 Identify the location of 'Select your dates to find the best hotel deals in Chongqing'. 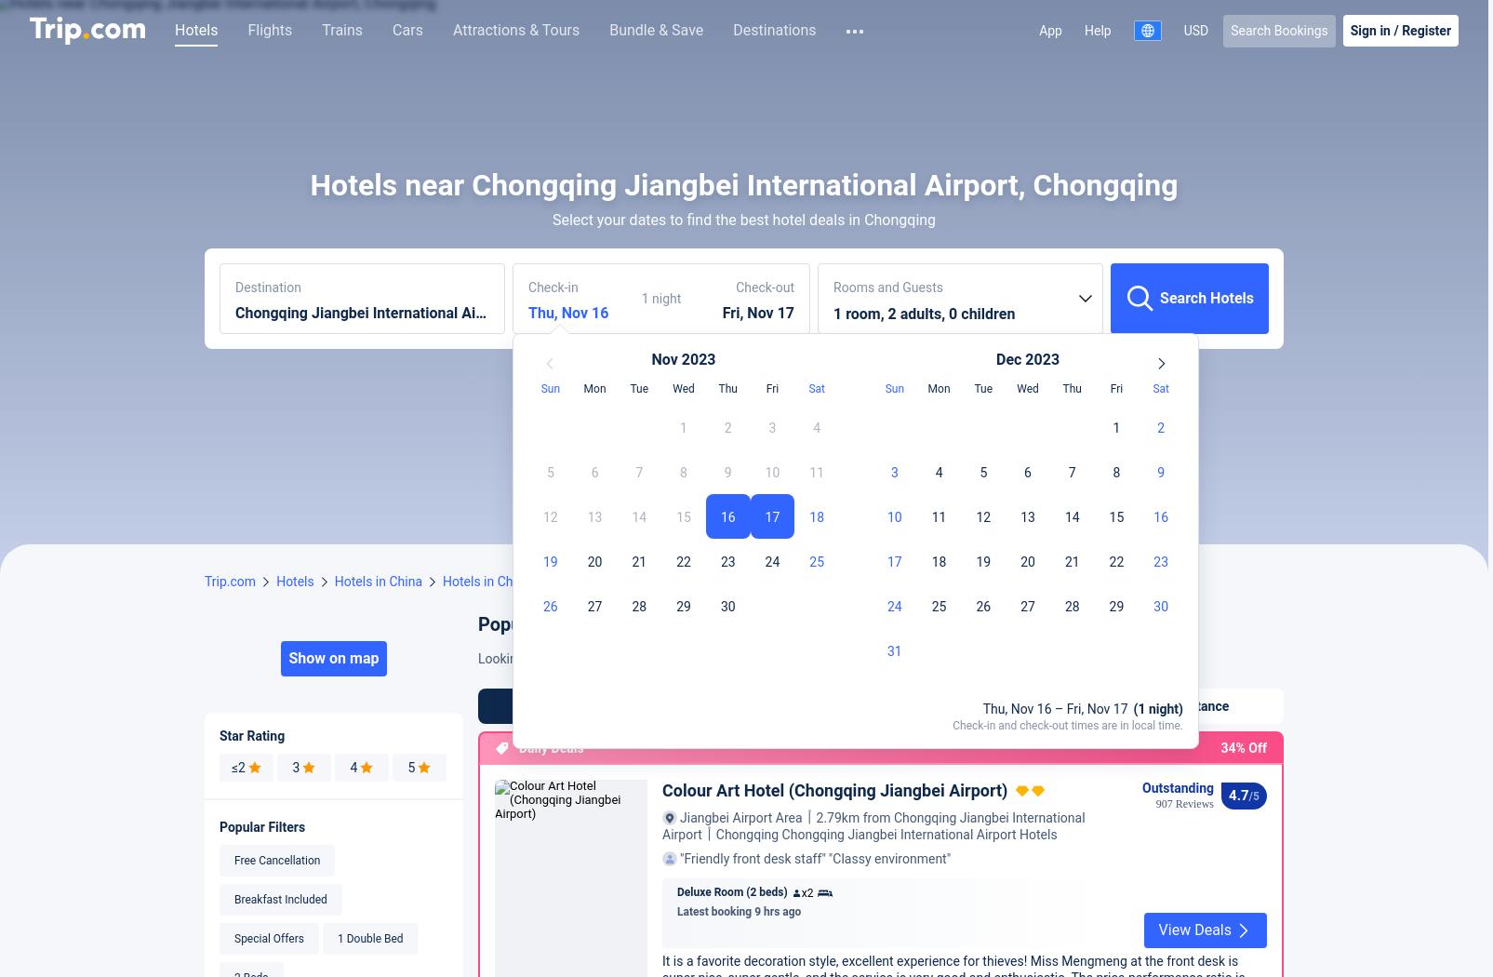
(551, 499).